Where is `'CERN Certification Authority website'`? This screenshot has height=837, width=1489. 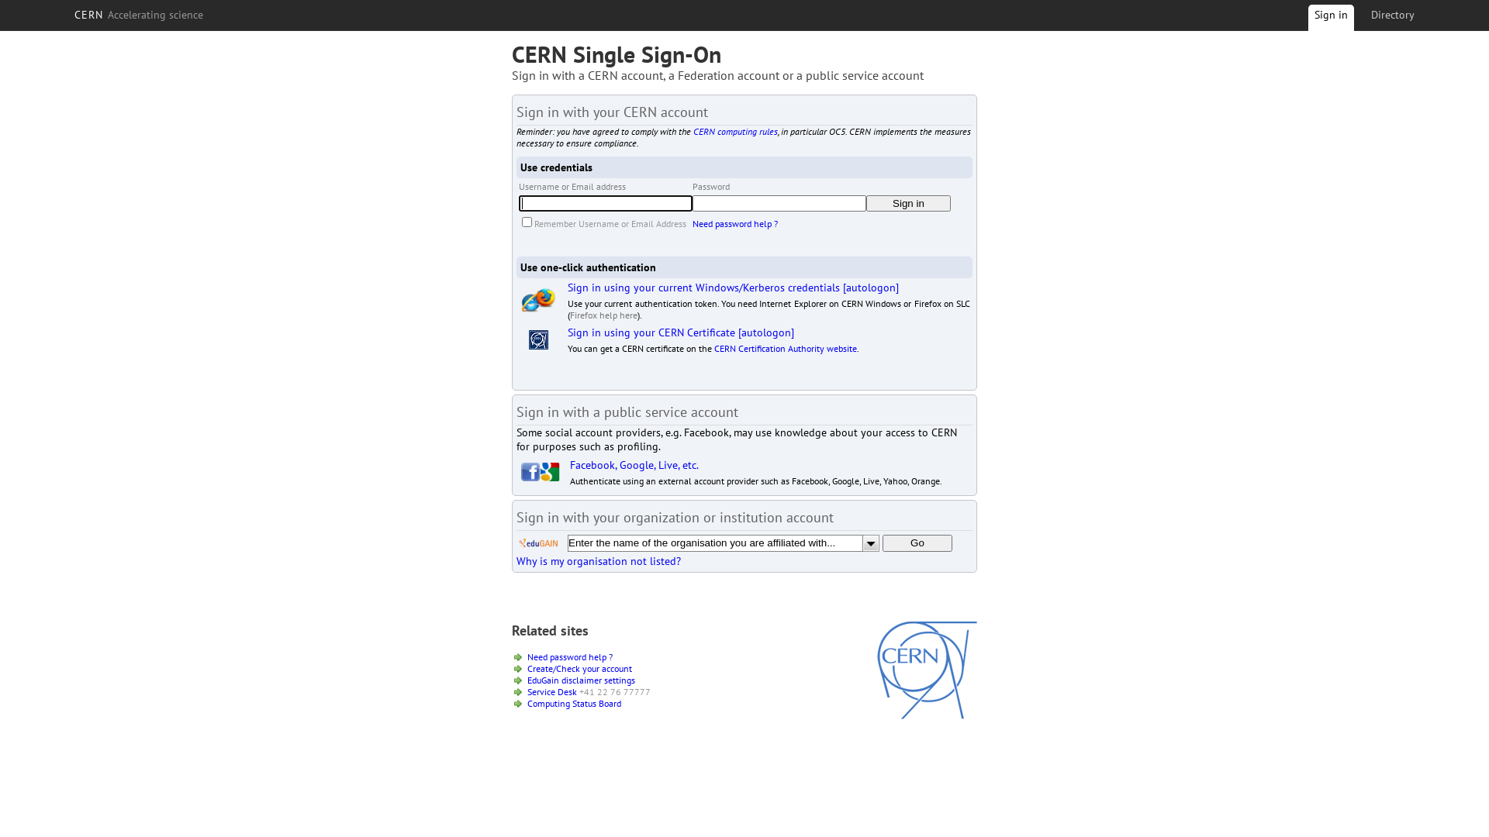
'CERN Certification Authority website' is located at coordinates (785, 347).